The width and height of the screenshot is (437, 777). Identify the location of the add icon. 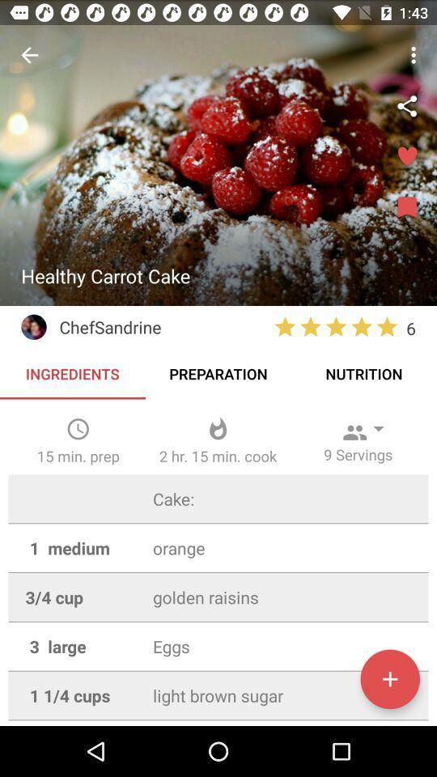
(389, 679).